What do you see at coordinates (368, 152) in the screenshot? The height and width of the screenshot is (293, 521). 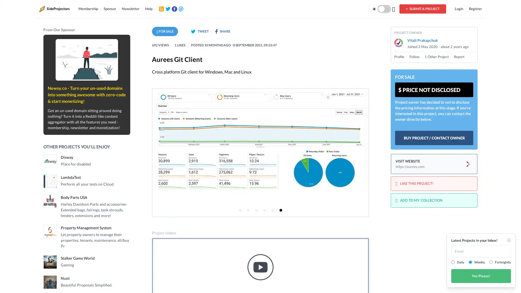 I see `Next page` at bounding box center [368, 152].